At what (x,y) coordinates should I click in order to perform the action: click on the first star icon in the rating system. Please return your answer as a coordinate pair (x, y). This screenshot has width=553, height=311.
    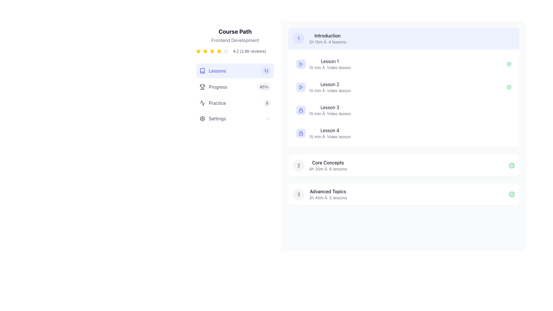
    Looking at the image, I should click on (198, 51).